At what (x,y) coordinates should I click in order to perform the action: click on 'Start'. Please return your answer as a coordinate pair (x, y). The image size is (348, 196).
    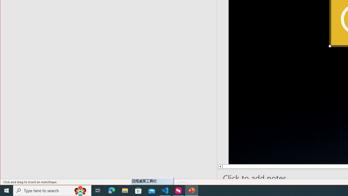
    Looking at the image, I should click on (7, 190).